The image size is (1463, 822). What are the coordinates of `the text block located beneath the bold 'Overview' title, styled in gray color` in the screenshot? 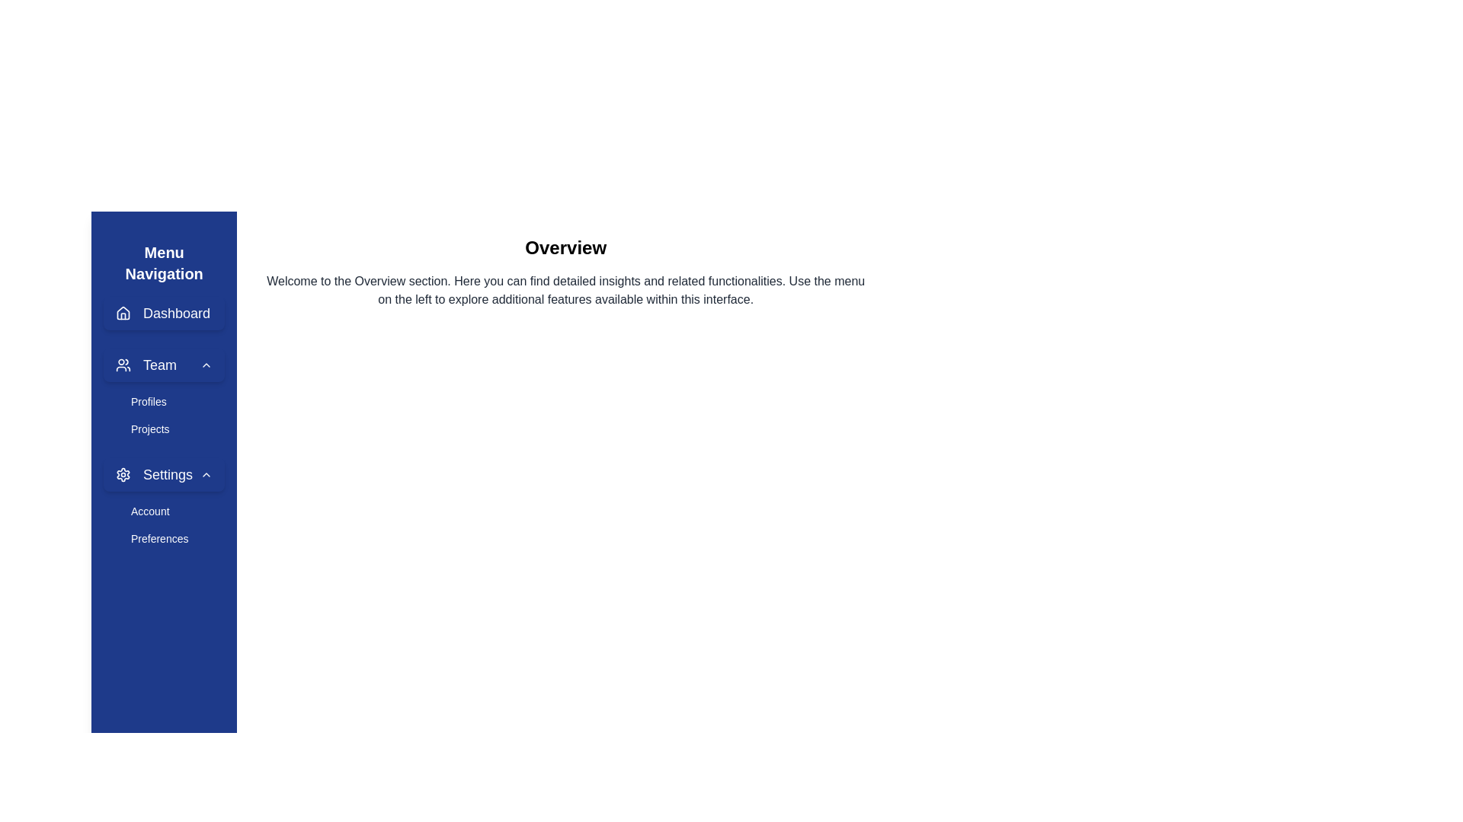 It's located at (565, 290).